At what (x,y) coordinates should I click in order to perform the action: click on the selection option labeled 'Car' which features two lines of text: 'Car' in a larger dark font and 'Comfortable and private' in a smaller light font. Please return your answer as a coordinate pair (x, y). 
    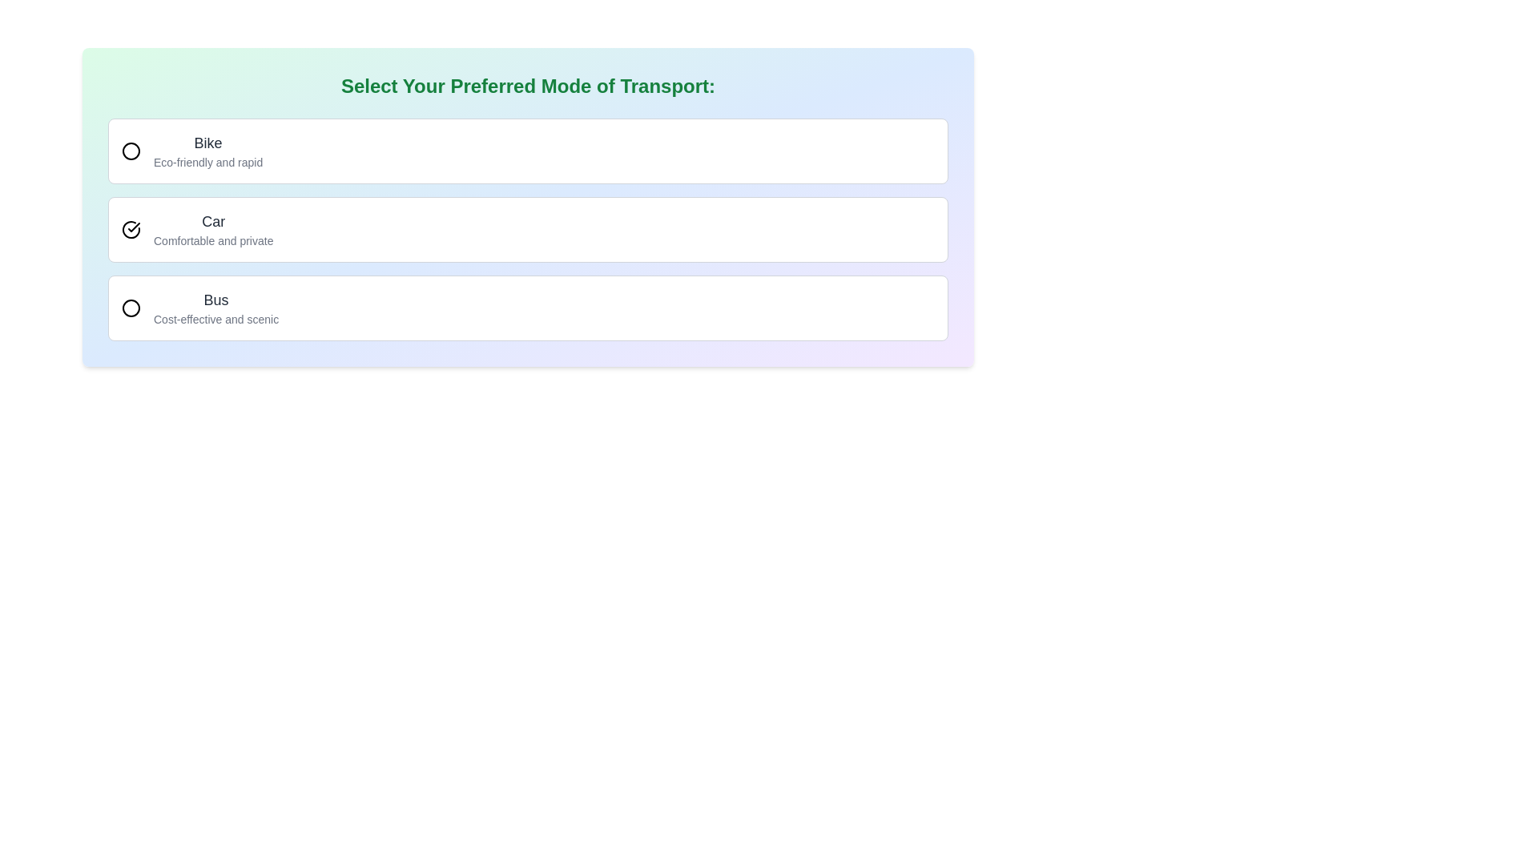
    Looking at the image, I should click on (212, 229).